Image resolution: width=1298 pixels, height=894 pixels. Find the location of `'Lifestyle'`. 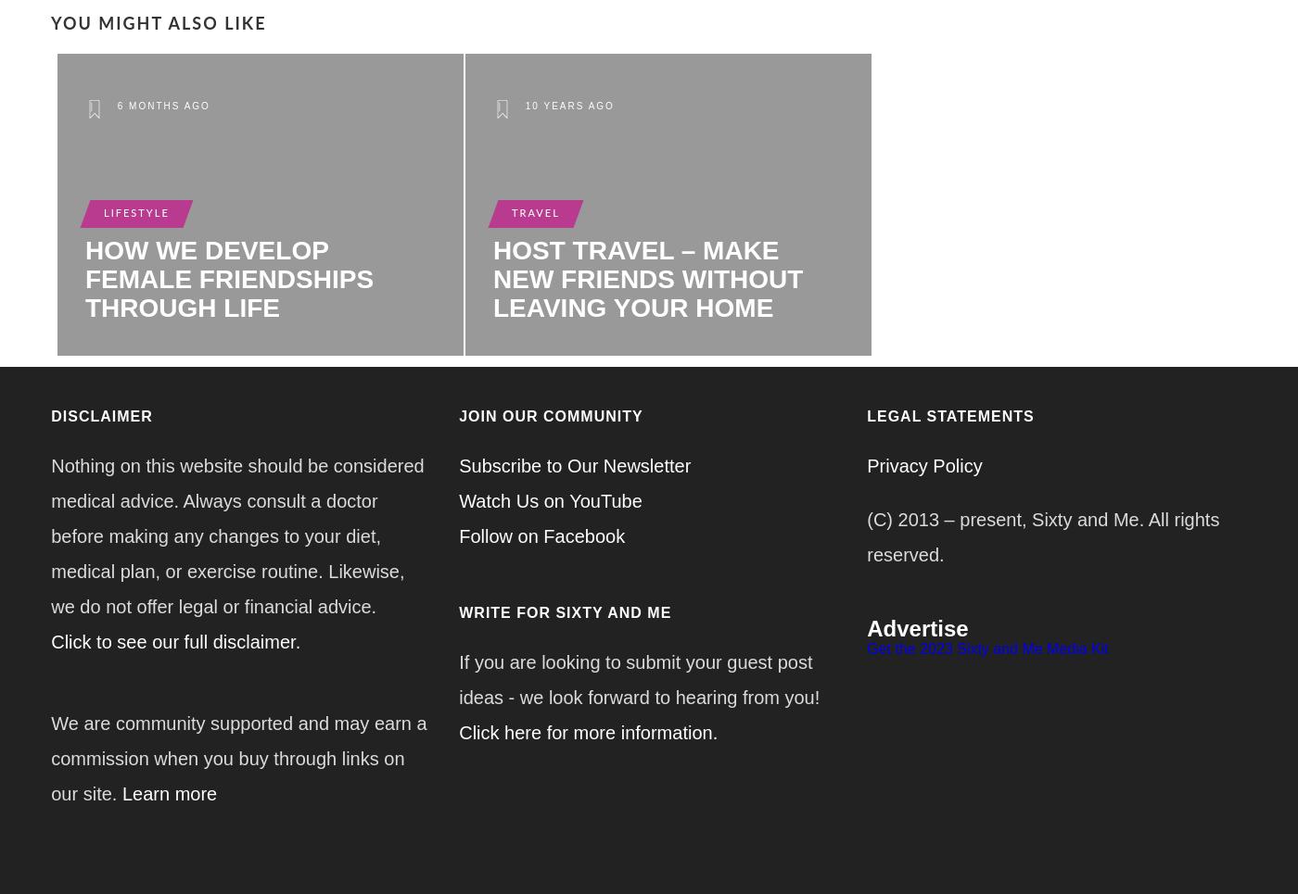

'Lifestyle' is located at coordinates (135, 212).